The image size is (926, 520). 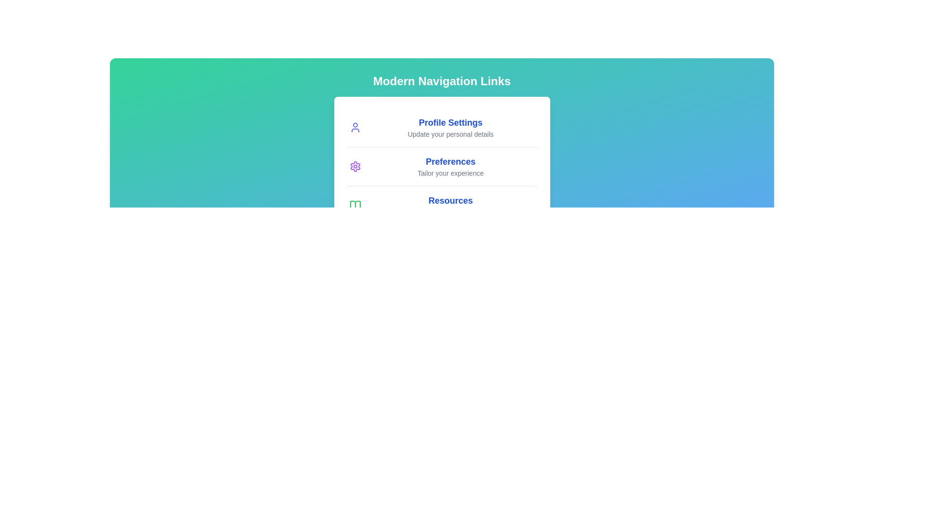 What do you see at coordinates (441, 166) in the screenshot?
I see `the navigational link button located beneath 'Profile Settings' and above 'Resources' within the centered white box styled section of the 'Modern Navigation Links'` at bounding box center [441, 166].